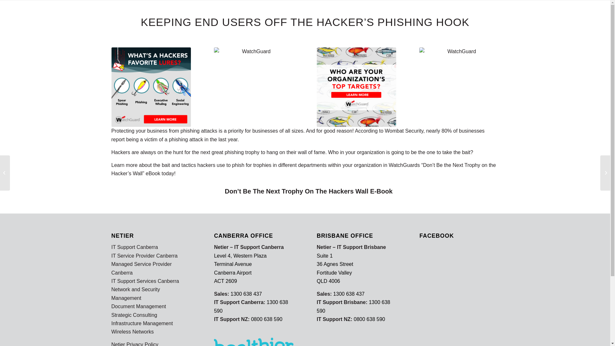 This screenshot has height=346, width=615. What do you see at coordinates (144, 255) in the screenshot?
I see `'IT Service Provider Canberra'` at bounding box center [144, 255].